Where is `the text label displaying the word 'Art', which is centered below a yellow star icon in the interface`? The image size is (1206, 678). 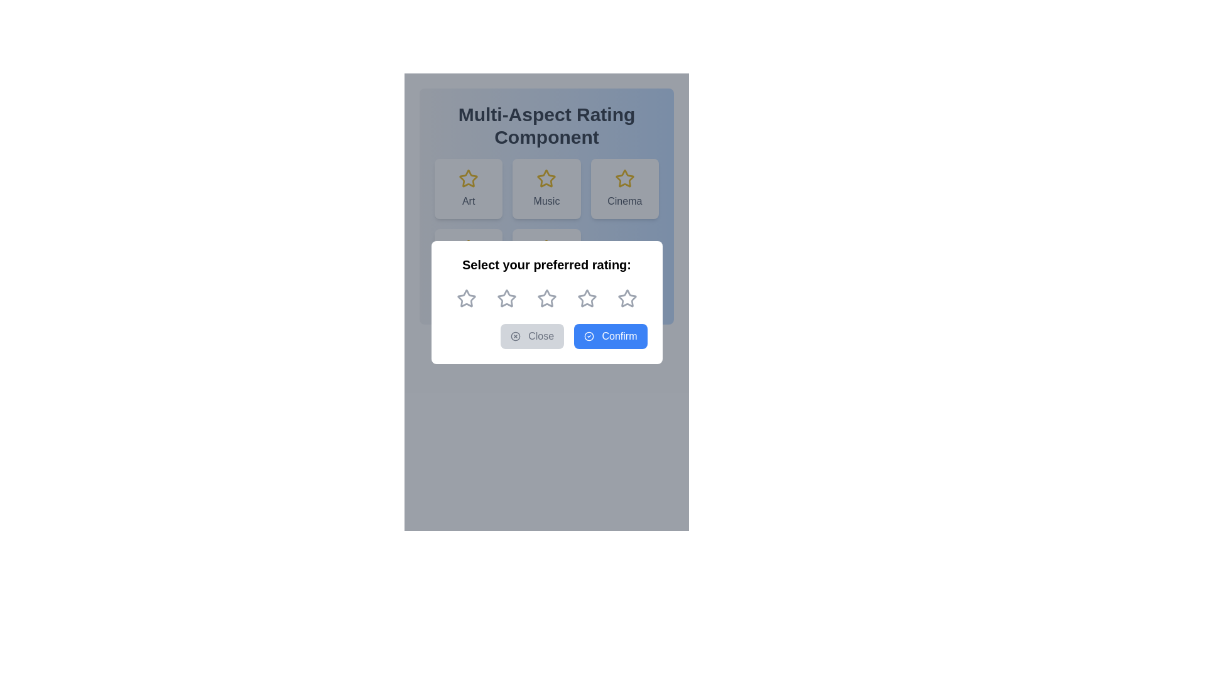
the text label displaying the word 'Art', which is centered below a yellow star icon in the interface is located at coordinates (468, 200).